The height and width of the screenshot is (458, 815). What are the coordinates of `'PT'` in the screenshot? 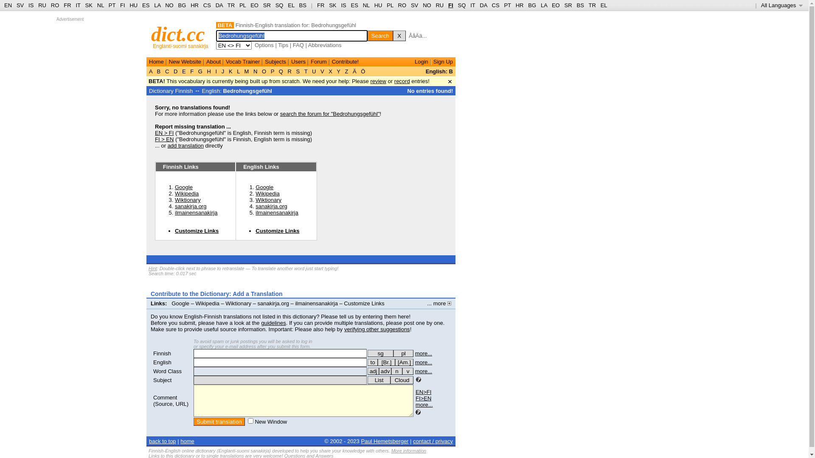 It's located at (112, 5).